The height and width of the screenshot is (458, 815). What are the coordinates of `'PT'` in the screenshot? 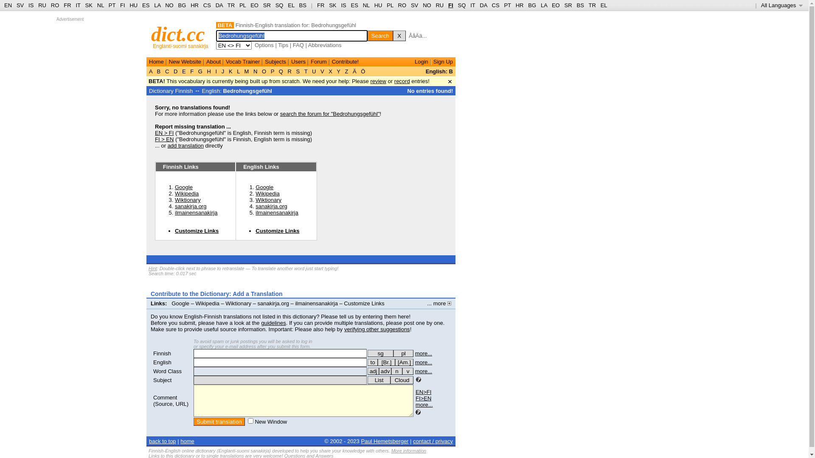 It's located at (112, 5).